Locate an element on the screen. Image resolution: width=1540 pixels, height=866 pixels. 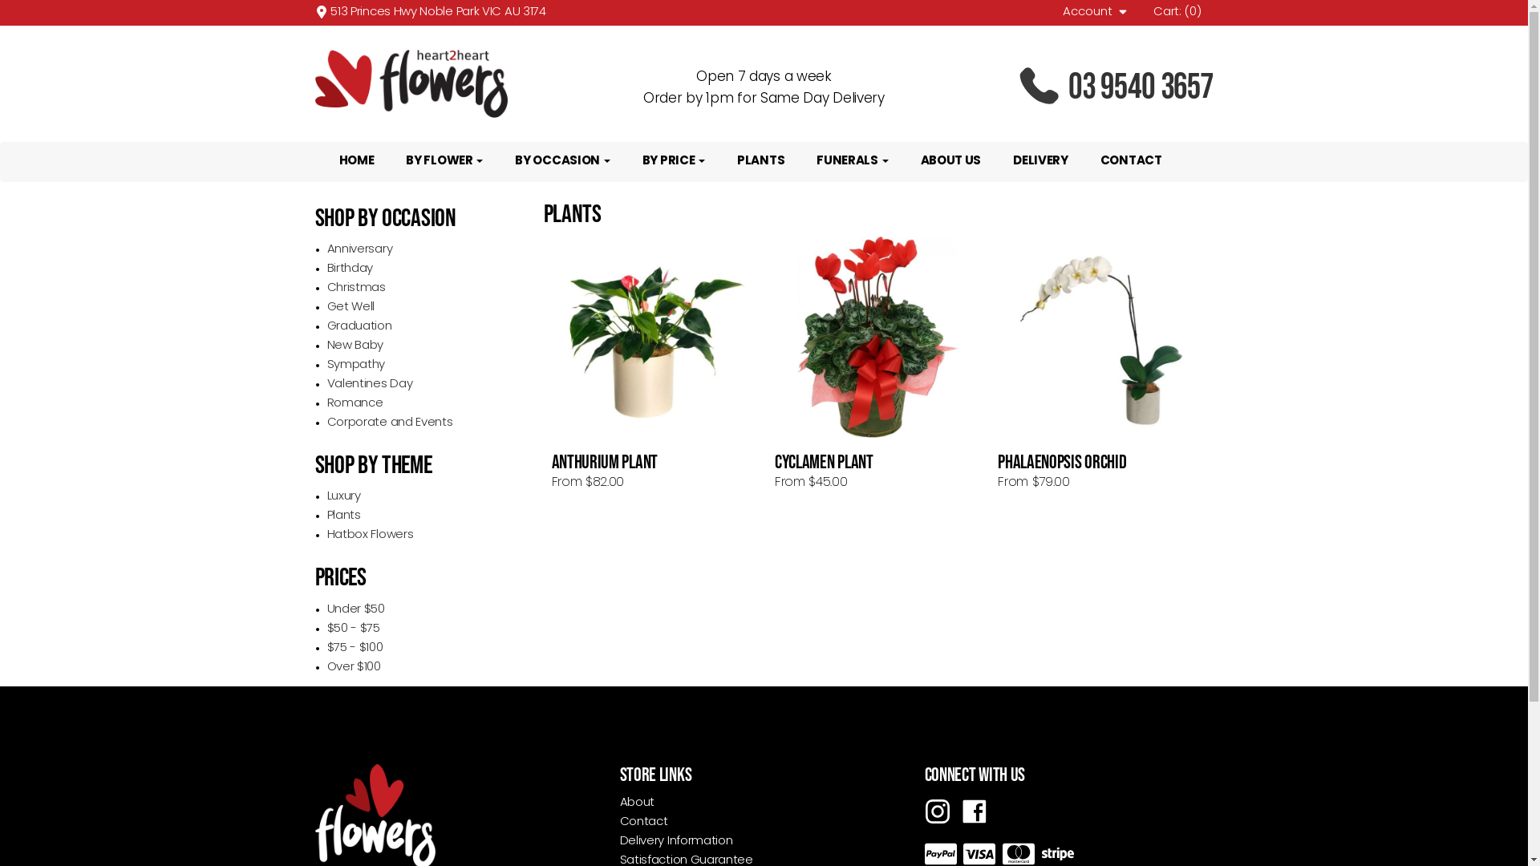
'Graduation' is located at coordinates (359, 326).